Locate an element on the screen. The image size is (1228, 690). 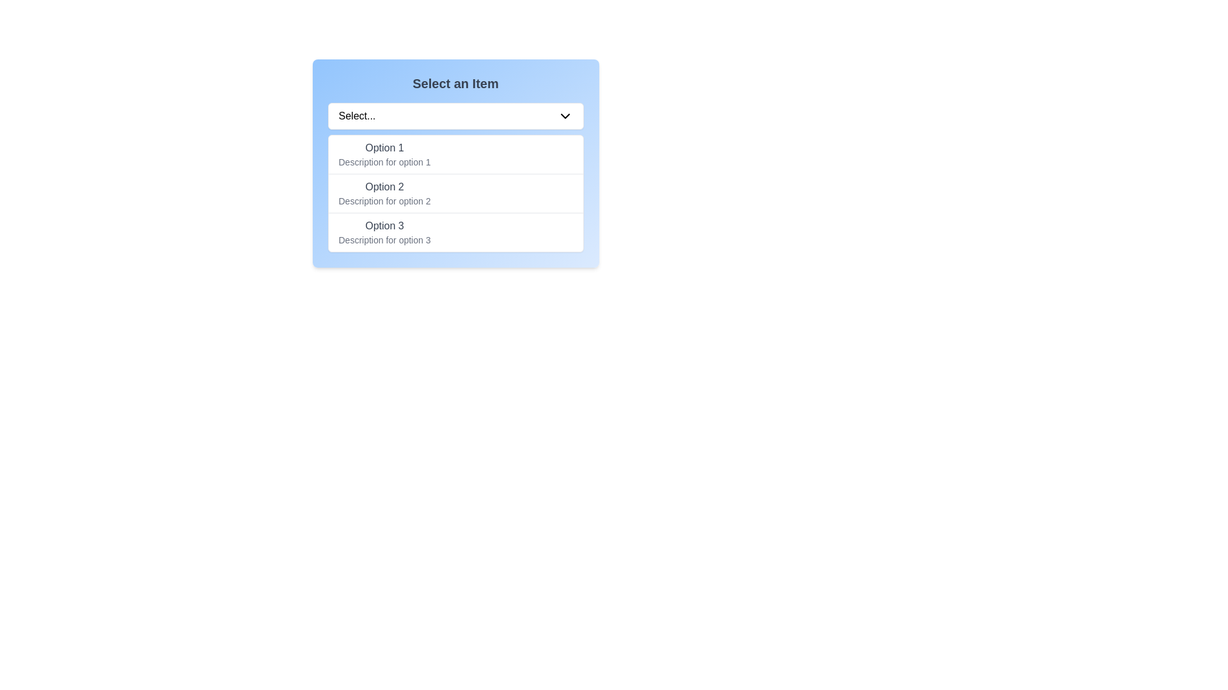
the dropdown menu located below the 'Select...' dropdown is located at coordinates (455, 194).